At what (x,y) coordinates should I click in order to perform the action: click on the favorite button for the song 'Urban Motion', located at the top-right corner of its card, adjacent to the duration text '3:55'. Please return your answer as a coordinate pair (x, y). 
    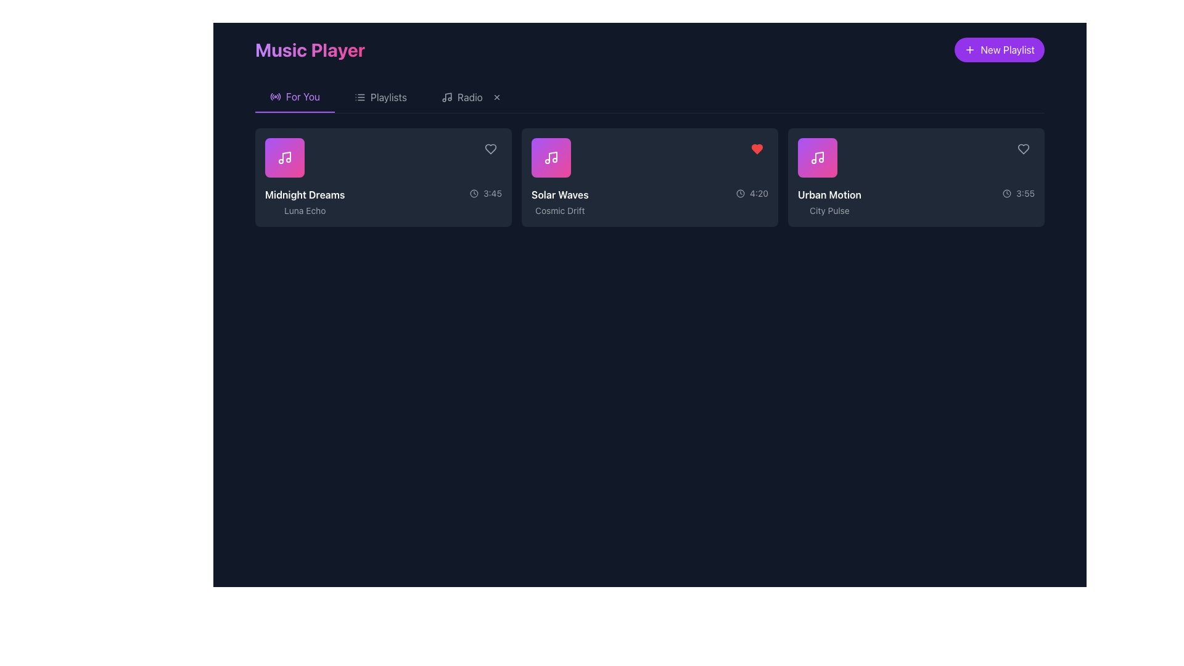
    Looking at the image, I should click on (1024, 149).